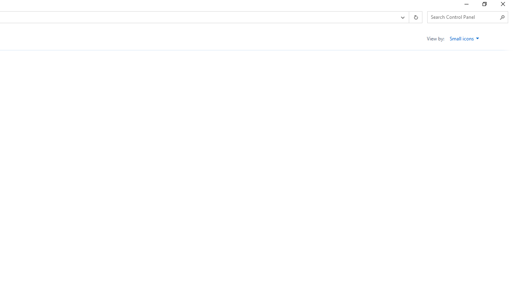 The width and height of the screenshot is (513, 288). What do you see at coordinates (464, 17) in the screenshot?
I see `'Search Box'` at bounding box center [464, 17].